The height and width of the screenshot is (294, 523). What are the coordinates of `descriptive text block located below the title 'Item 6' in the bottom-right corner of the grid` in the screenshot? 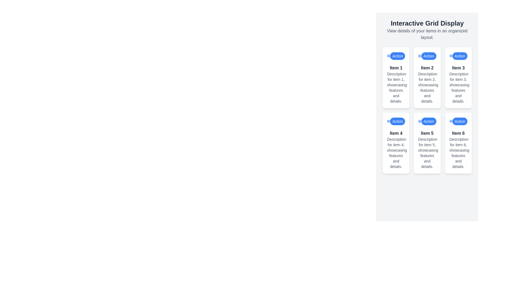 It's located at (458, 153).